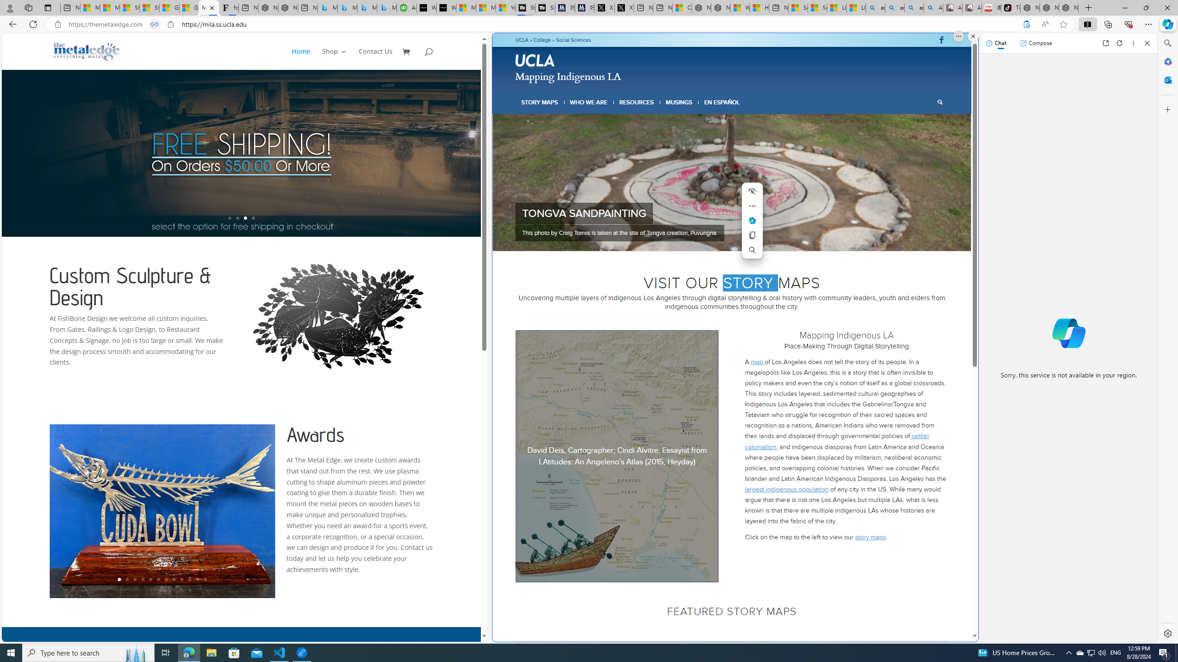 This screenshot has width=1178, height=662. What do you see at coordinates (154, 24) in the screenshot?
I see `'Tabs in split screen'` at bounding box center [154, 24].